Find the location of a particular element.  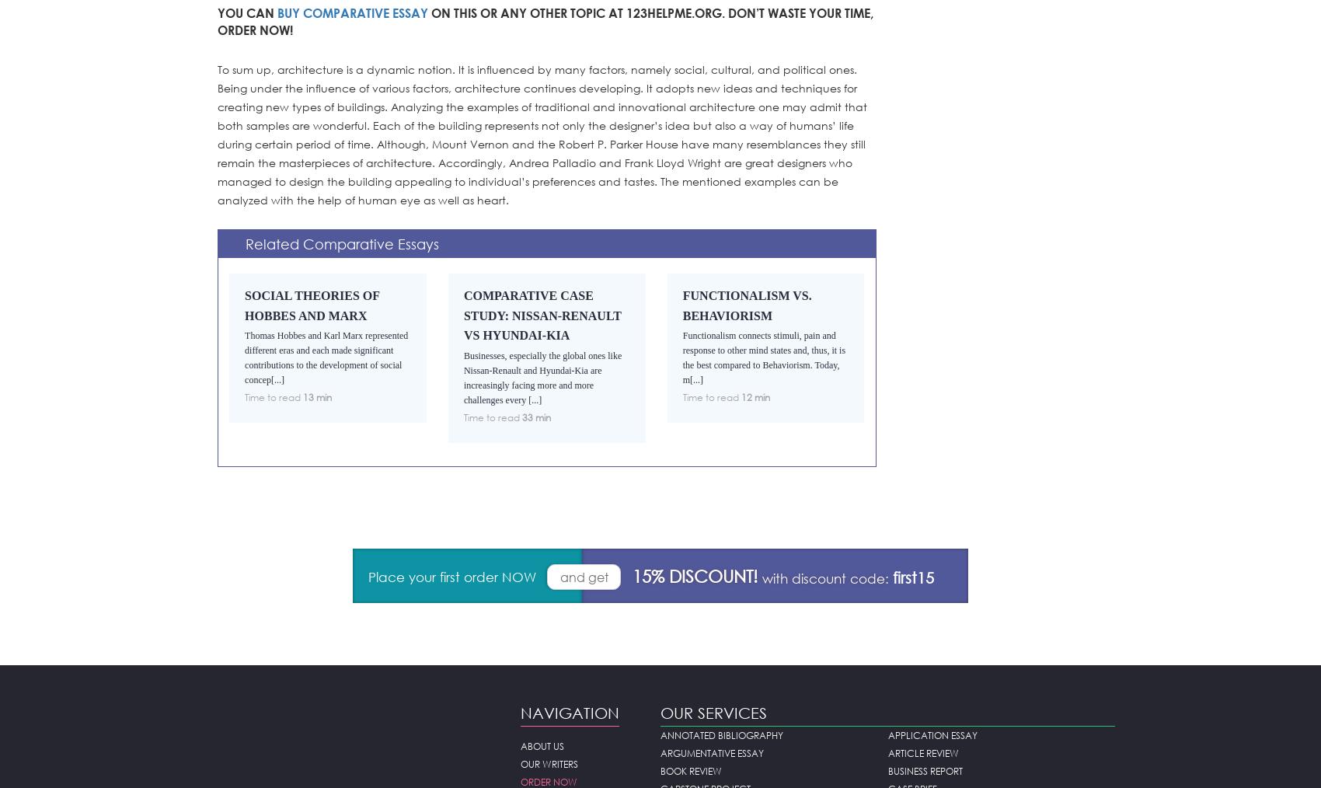

'Buy Comparative essay' is located at coordinates (353, 12).